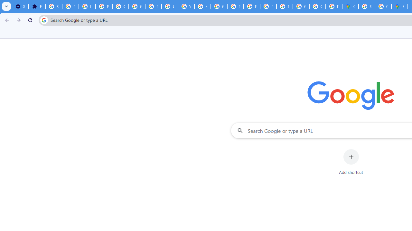 This screenshot has width=412, height=231. What do you see at coordinates (70, 6) in the screenshot?
I see `'Delete photos & videos - Computer - Google Photos Help'` at bounding box center [70, 6].